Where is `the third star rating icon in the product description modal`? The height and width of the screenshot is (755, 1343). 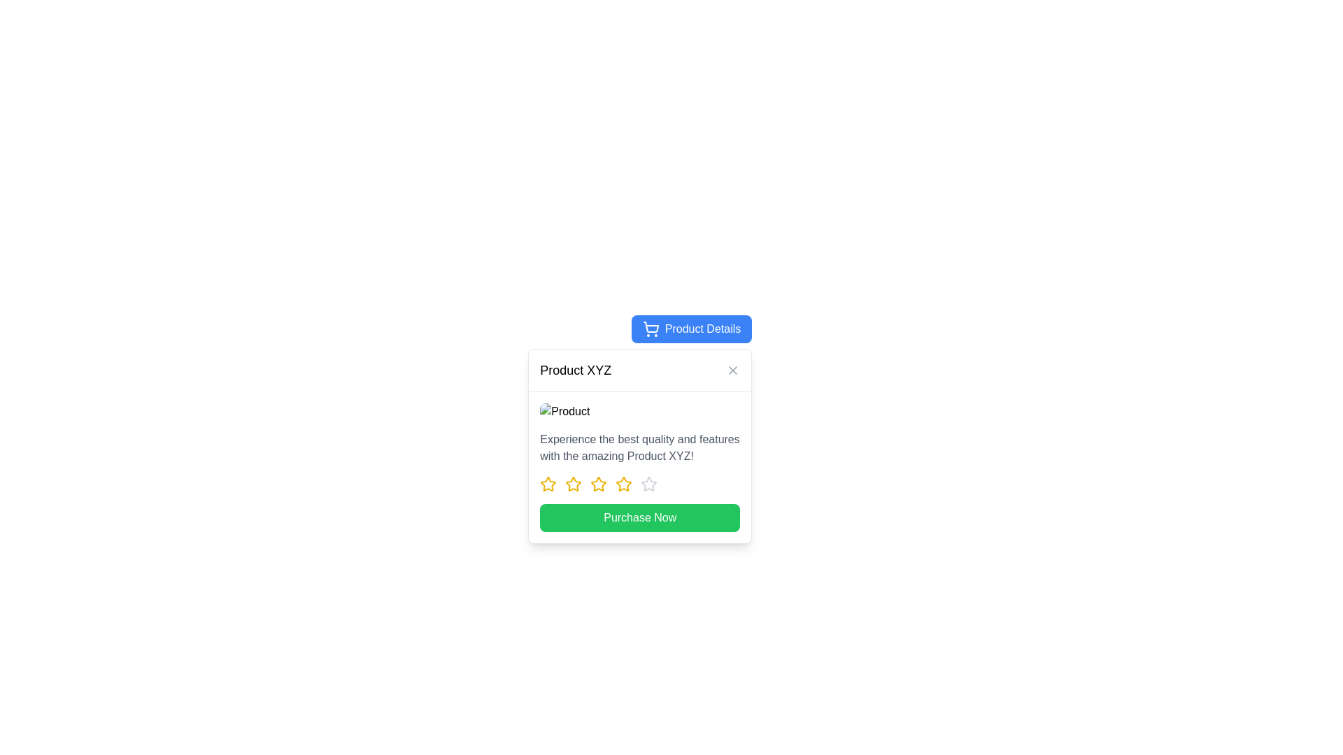
the third star rating icon in the product description modal is located at coordinates (599, 483).